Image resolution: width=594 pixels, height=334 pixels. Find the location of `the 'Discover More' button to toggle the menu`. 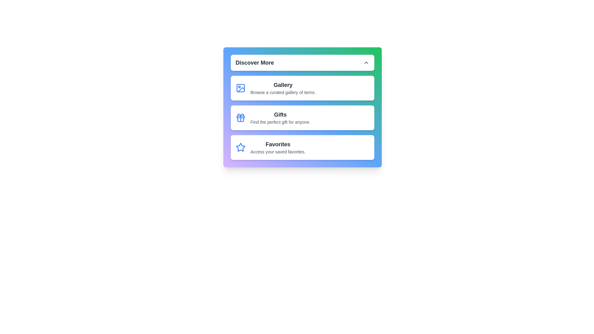

the 'Discover More' button to toggle the menu is located at coordinates (302, 63).